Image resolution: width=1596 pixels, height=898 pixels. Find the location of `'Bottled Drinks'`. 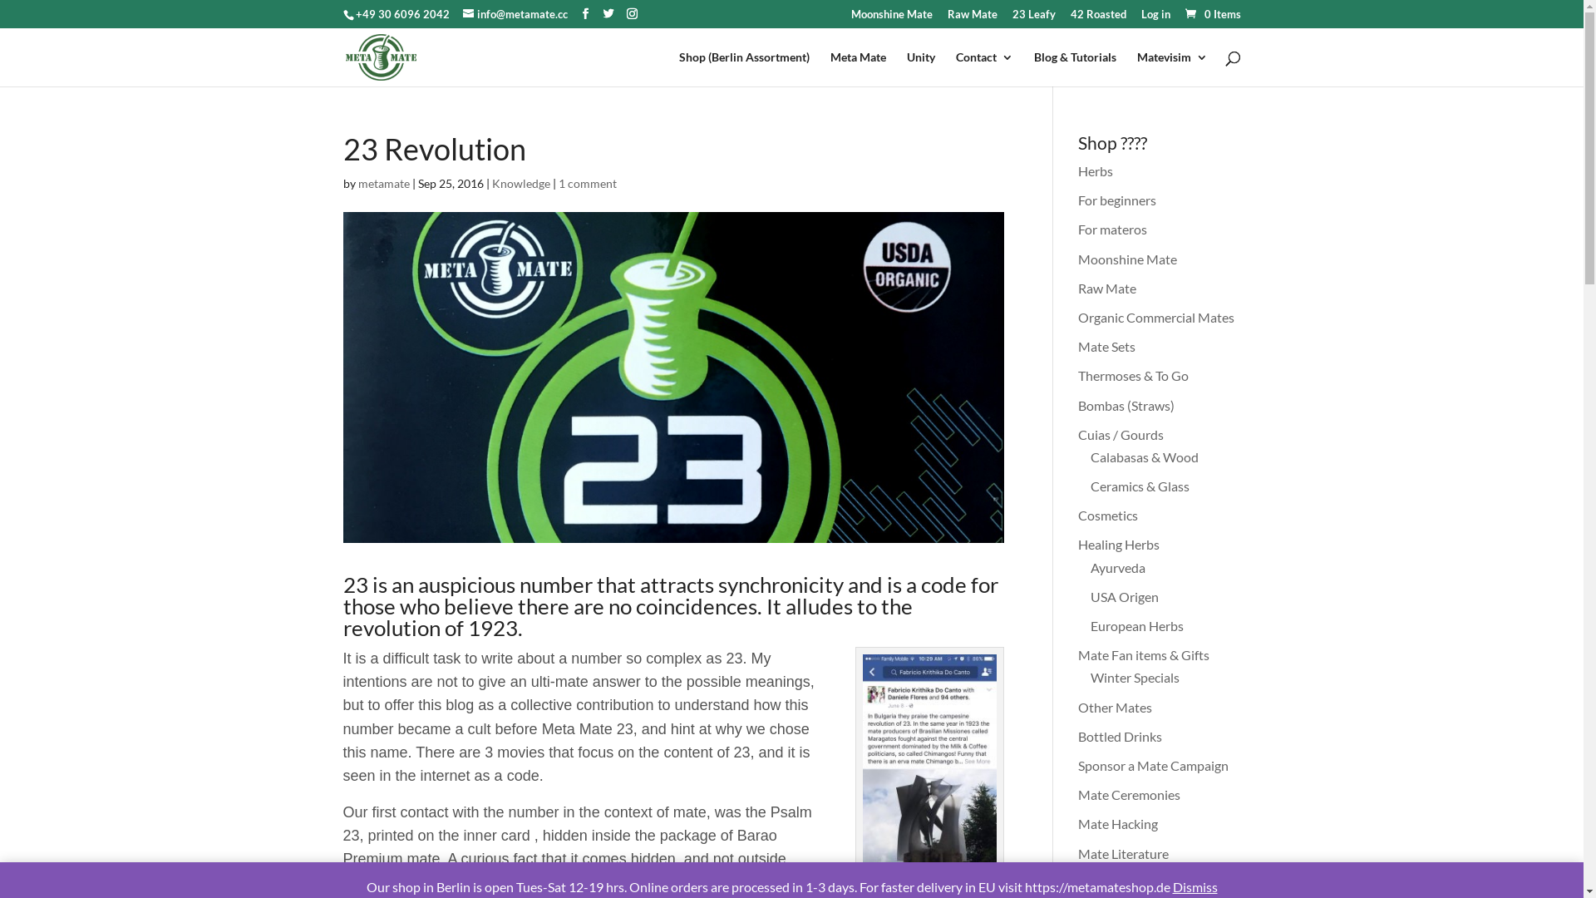

'Bottled Drinks' is located at coordinates (1077, 735).